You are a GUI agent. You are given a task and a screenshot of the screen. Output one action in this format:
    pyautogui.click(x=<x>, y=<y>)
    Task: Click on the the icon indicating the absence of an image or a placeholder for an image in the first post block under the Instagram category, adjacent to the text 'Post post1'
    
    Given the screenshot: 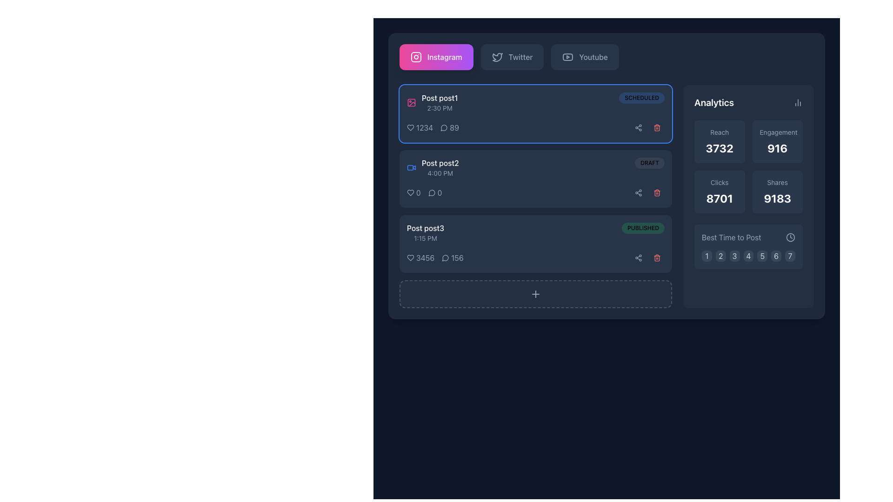 What is the action you would take?
    pyautogui.click(x=411, y=102)
    